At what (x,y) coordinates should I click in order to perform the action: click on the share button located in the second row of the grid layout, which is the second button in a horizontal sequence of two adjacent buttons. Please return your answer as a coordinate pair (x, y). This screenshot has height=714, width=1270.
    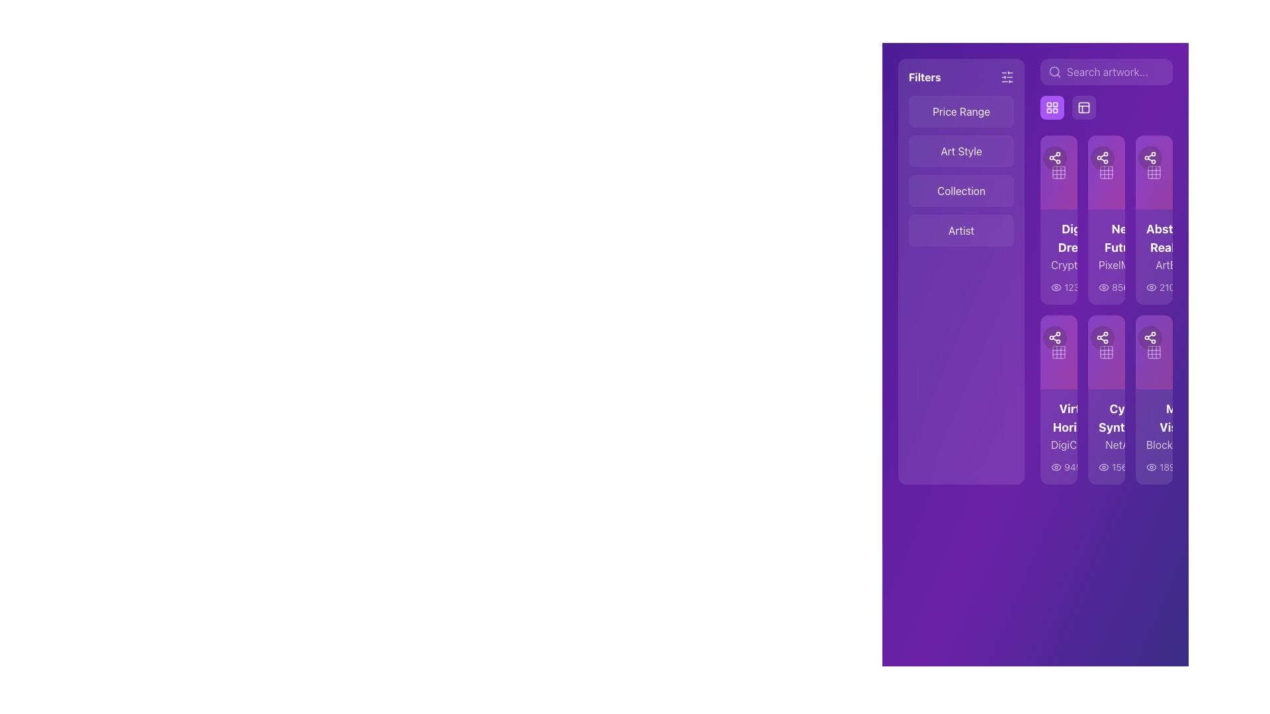
    Looking at the image, I should click on (1088, 337).